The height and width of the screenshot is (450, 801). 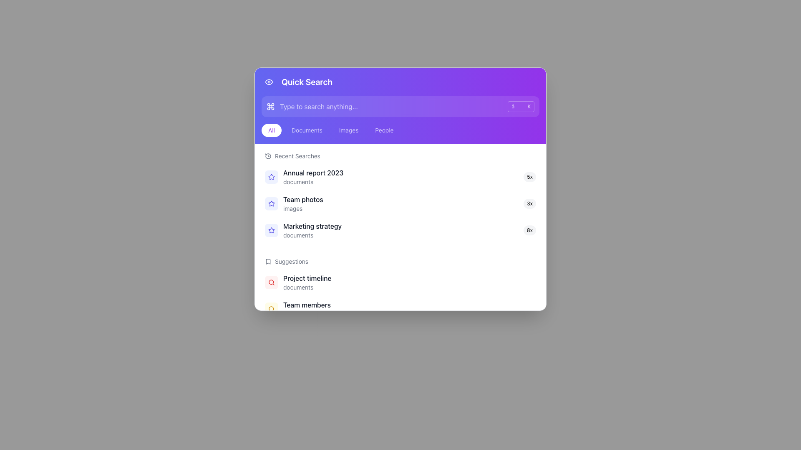 I want to click on the badge/label that indicates the interaction count of 8 for the 'Marketing strategy' entry, located at the far right of the 'Marketing strategy documents' row under 'Recent Searches', so click(x=529, y=230).